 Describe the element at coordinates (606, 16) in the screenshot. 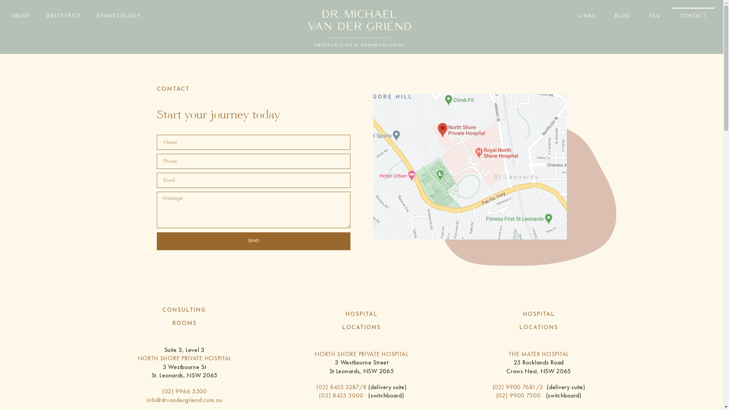

I see `'BLOG'` at that location.